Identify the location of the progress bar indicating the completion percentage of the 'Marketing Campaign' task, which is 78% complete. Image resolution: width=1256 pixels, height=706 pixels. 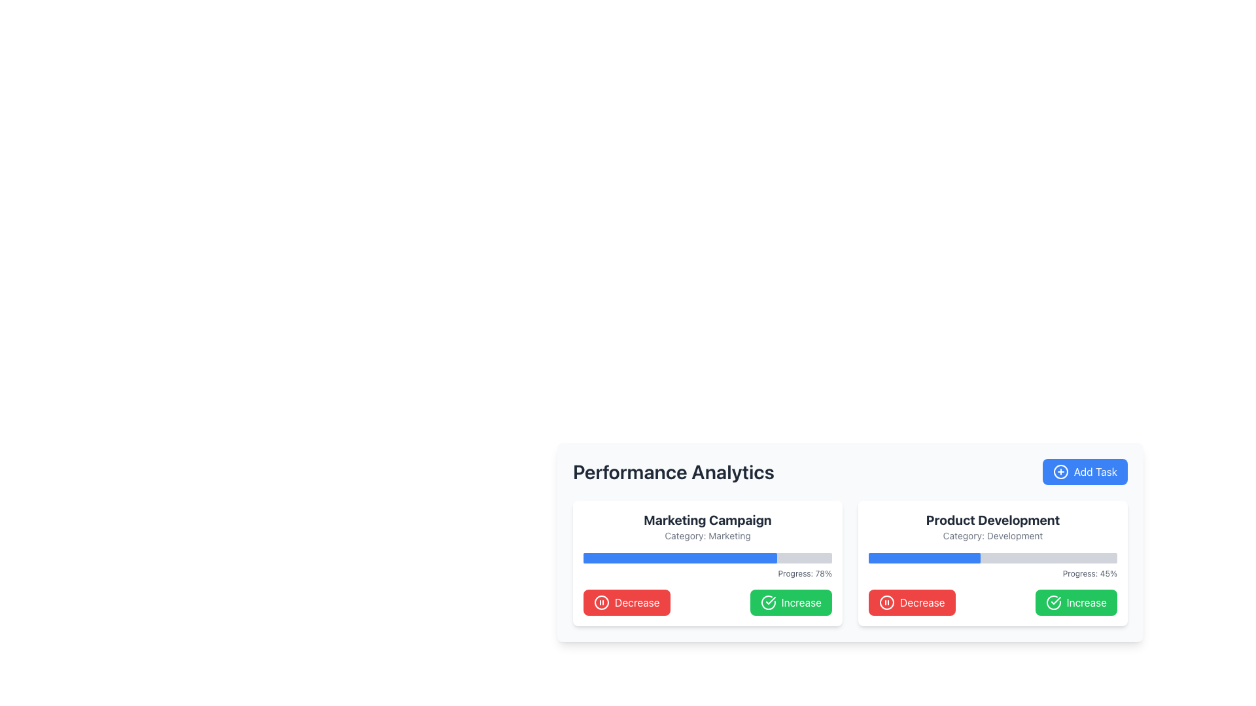
(706, 558).